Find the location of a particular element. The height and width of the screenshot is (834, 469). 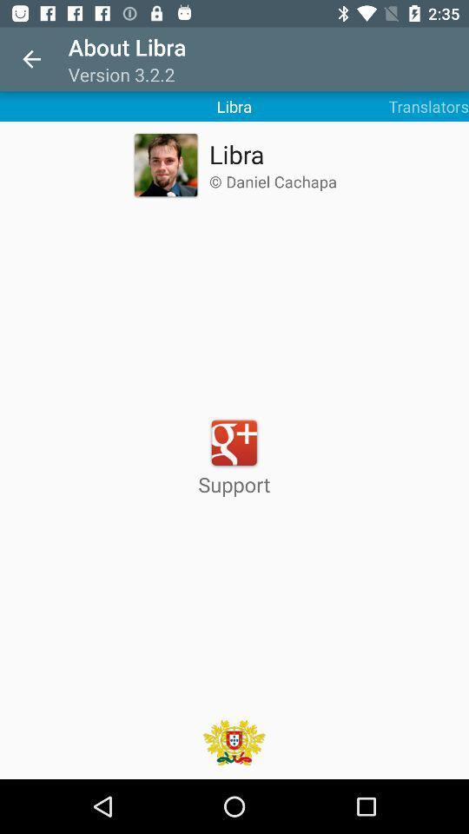

support button is located at coordinates (234, 456).